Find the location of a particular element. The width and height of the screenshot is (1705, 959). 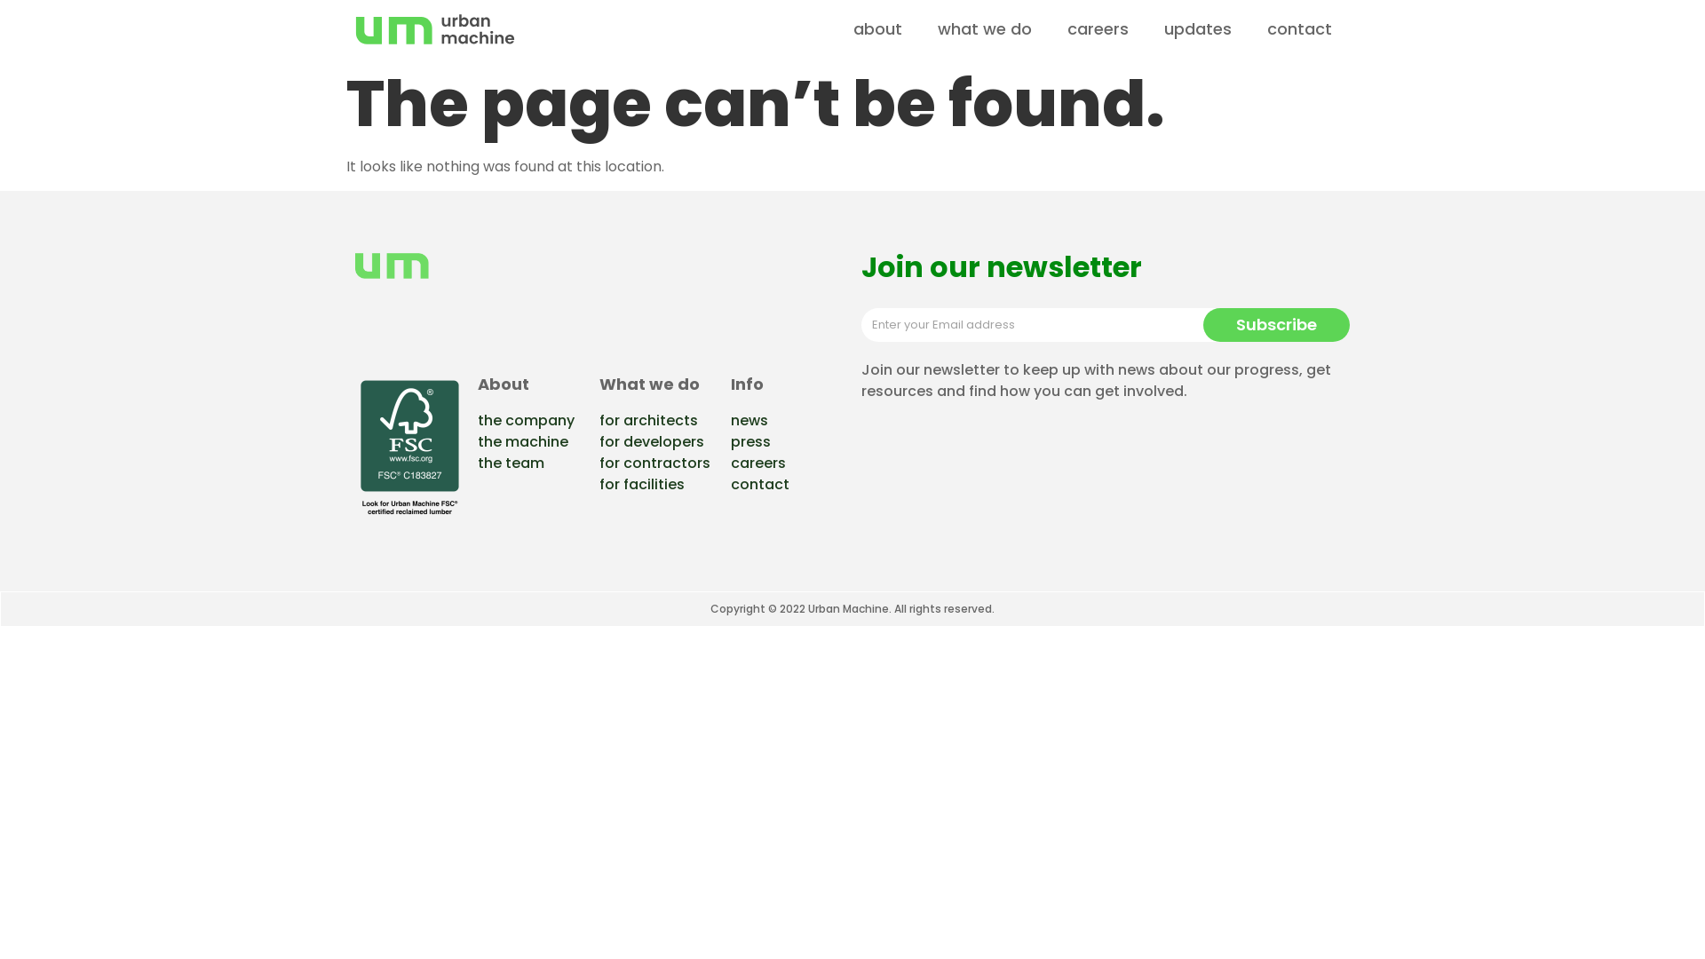

'for contractors' is located at coordinates (654, 462).